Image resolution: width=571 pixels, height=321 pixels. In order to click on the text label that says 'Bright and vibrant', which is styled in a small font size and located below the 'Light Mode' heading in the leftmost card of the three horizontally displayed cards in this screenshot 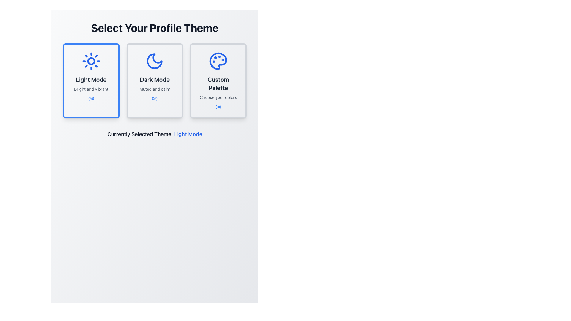, I will do `click(91, 89)`.